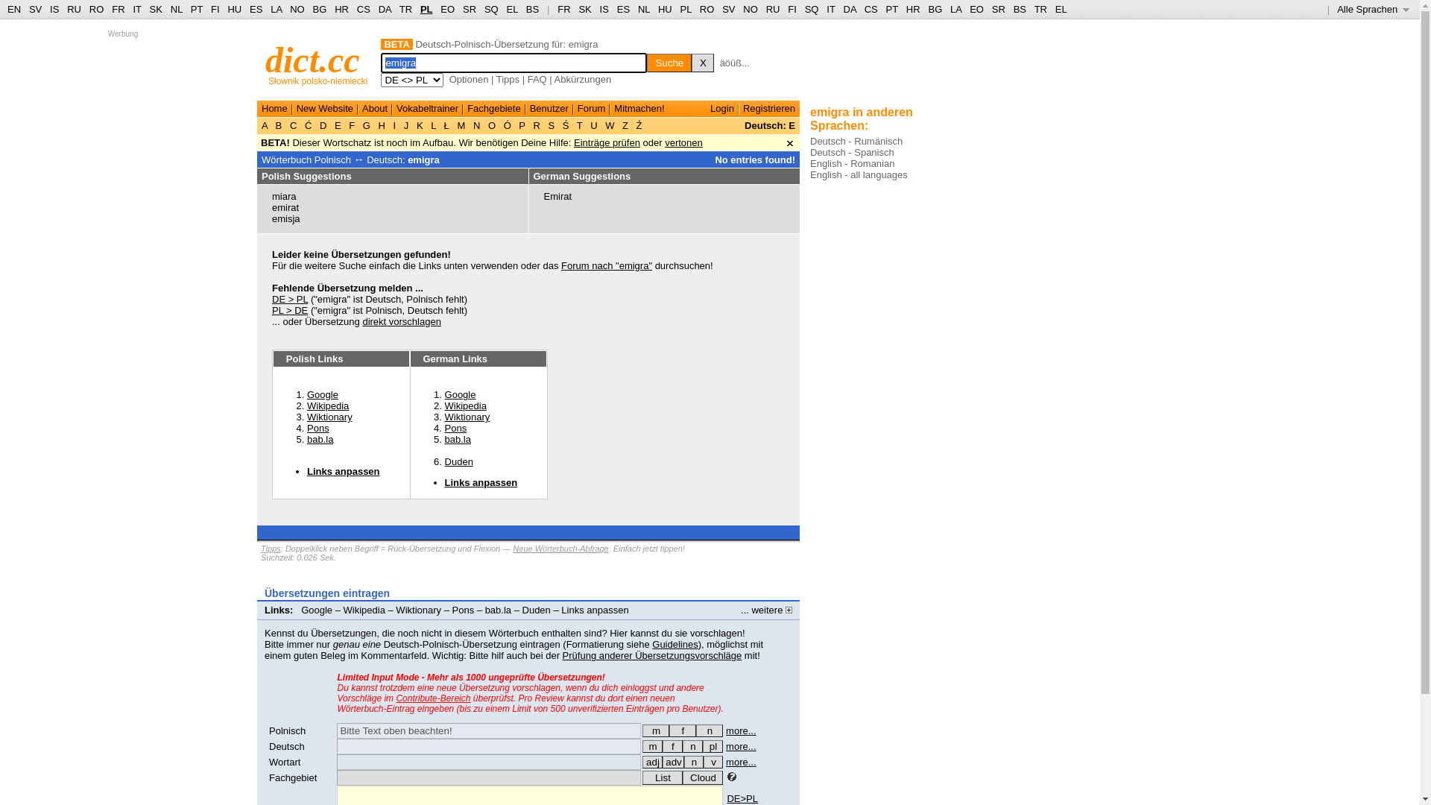 The width and height of the screenshot is (1431, 805). Describe the element at coordinates (623, 9) in the screenshot. I see `'ES'` at that location.